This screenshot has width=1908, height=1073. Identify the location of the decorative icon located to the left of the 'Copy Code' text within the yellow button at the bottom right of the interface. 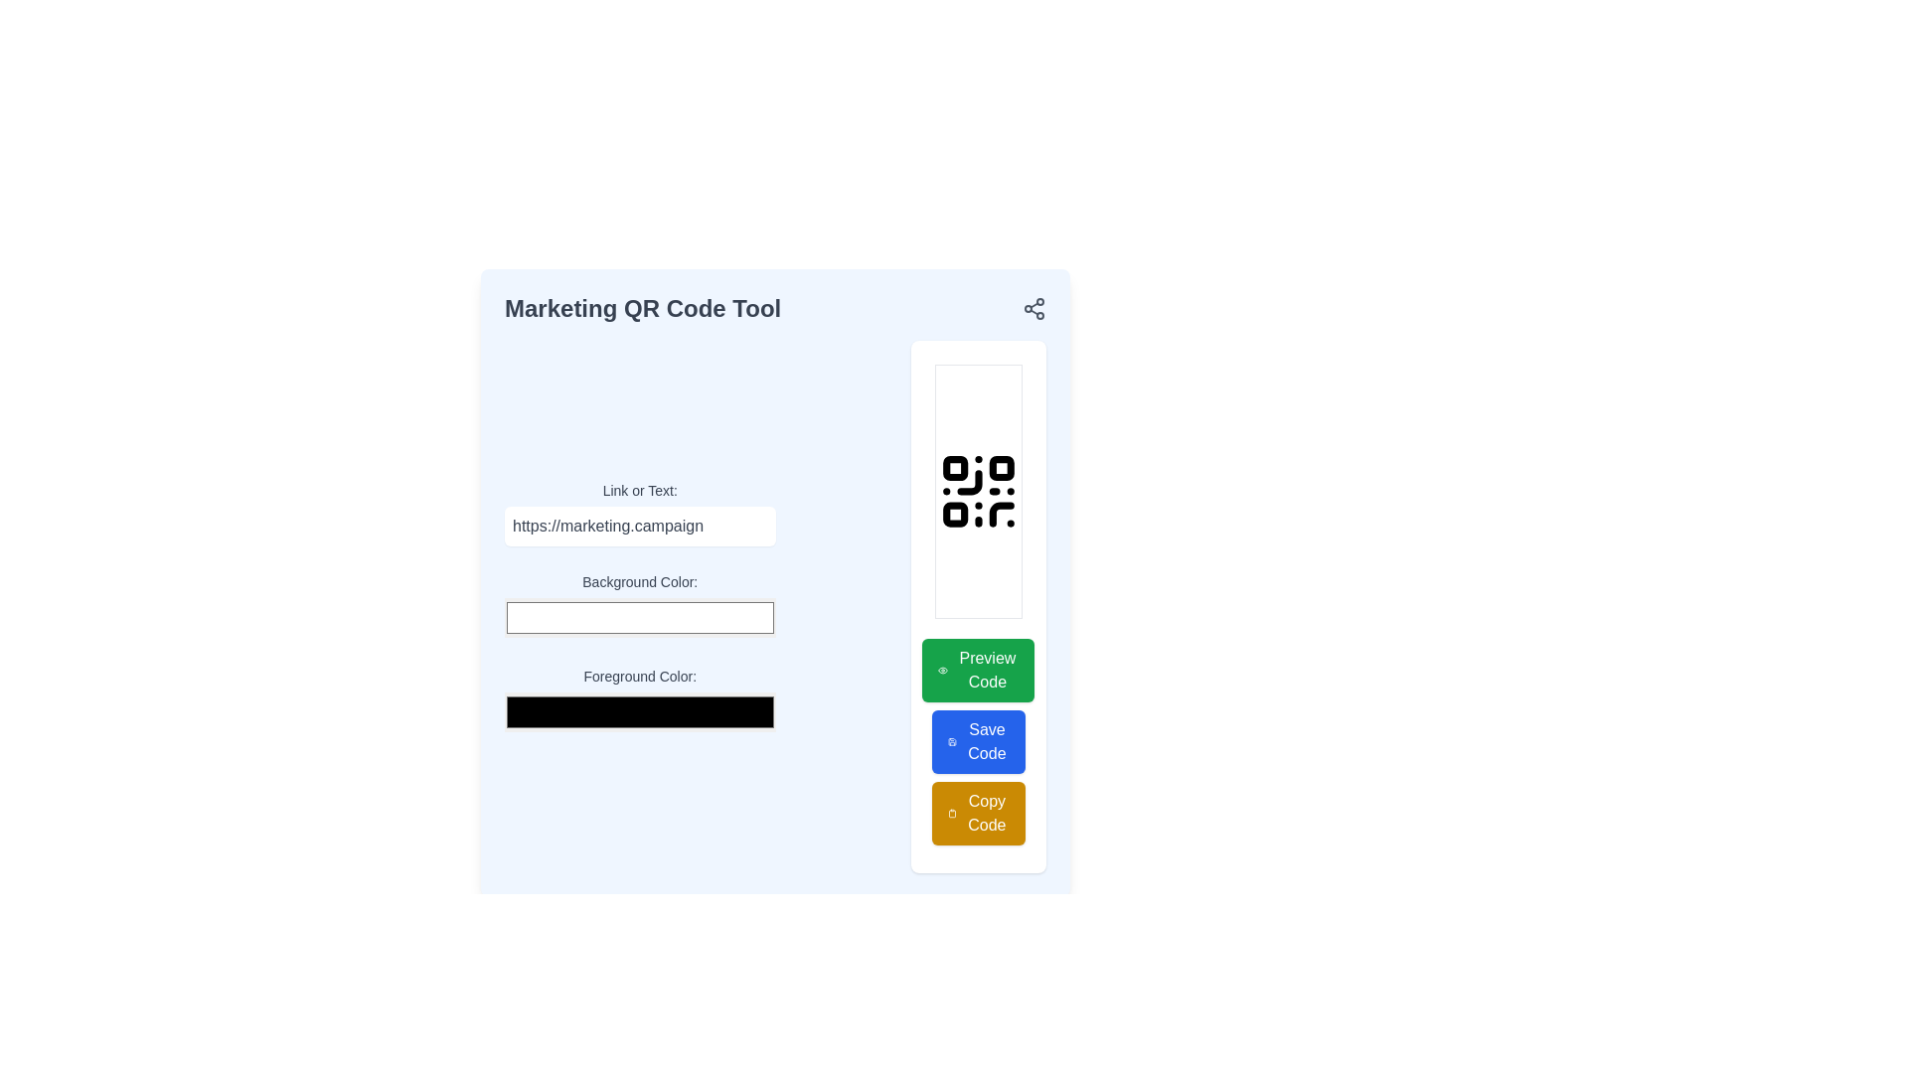
(951, 813).